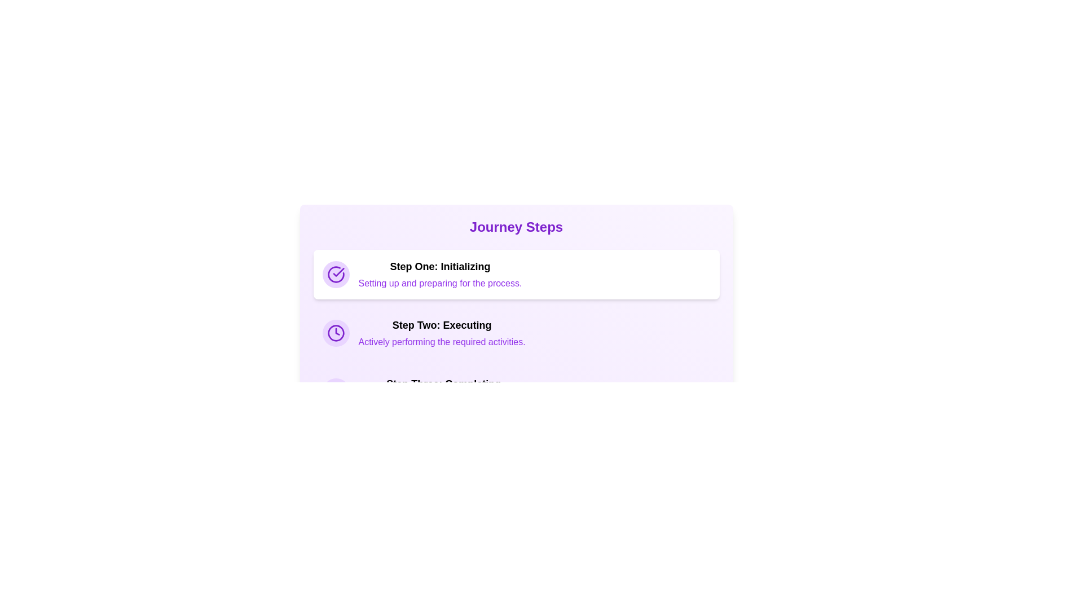 The height and width of the screenshot is (609, 1083). I want to click on the Decorative icon that visually represents the 'Executing' step's theme located in the 'Step Two: Executing' section, positioned to the left of the step's title and description, so click(335, 332).